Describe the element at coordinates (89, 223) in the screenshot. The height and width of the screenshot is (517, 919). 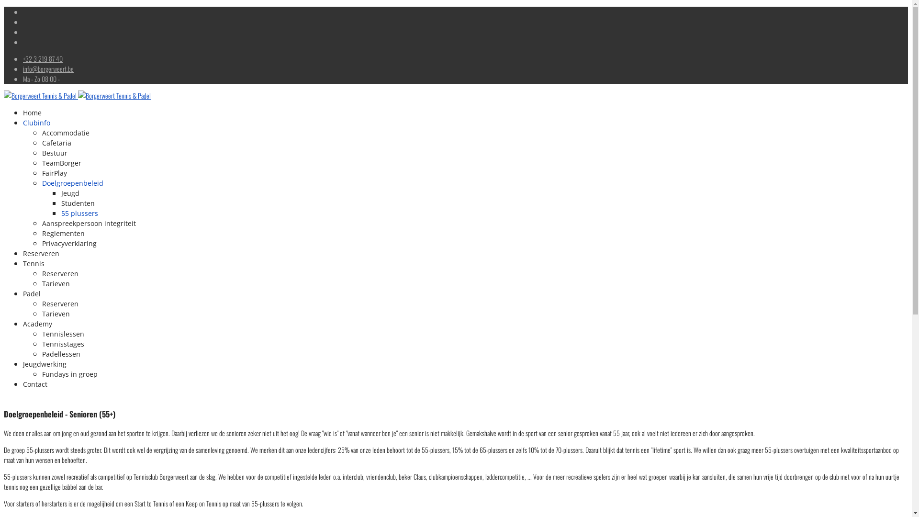
I see `'Aanspreekpersoon integriteit'` at that location.